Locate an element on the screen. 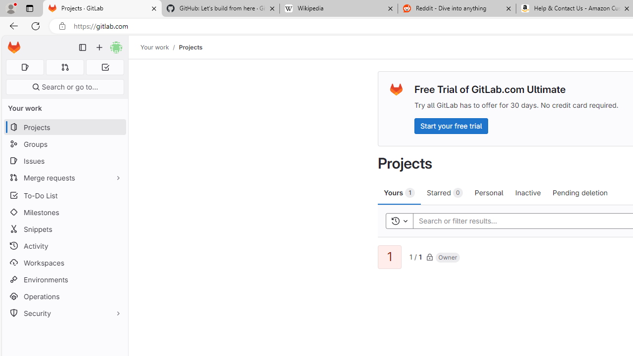 The width and height of the screenshot is (633, 356). 'Personal' is located at coordinates (489, 192).